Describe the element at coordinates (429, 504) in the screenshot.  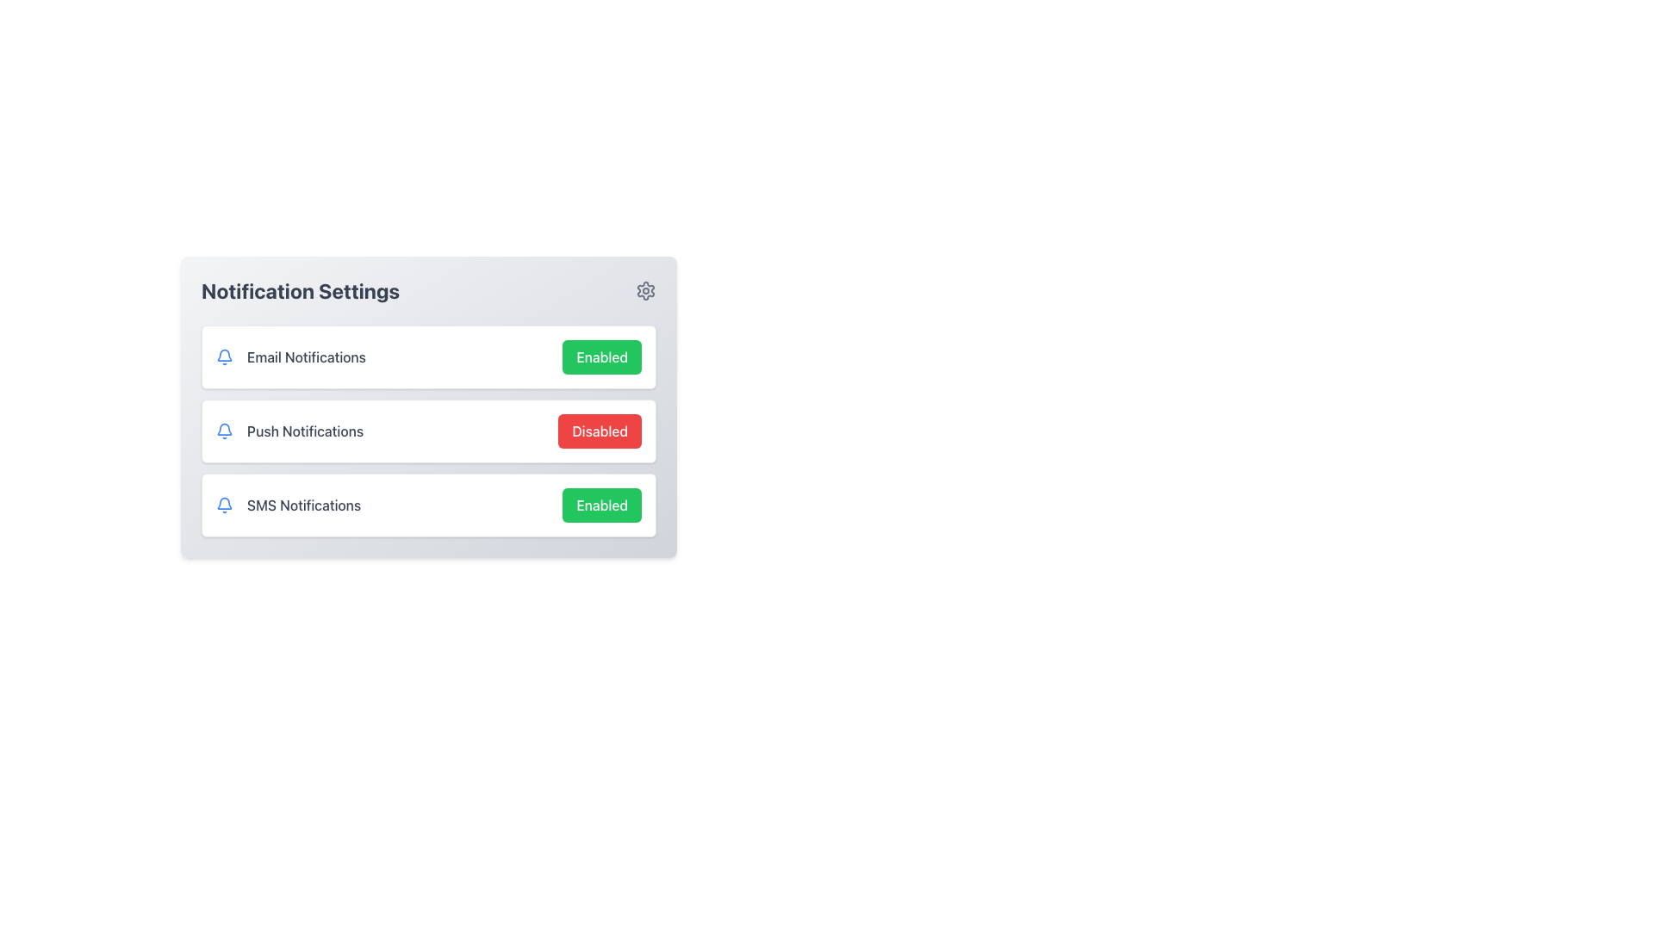
I see `notification type 'SMS Notifications' from the third card in the vertical list under 'Notification Settings', which contains a green button labeled 'Enabled'` at that location.